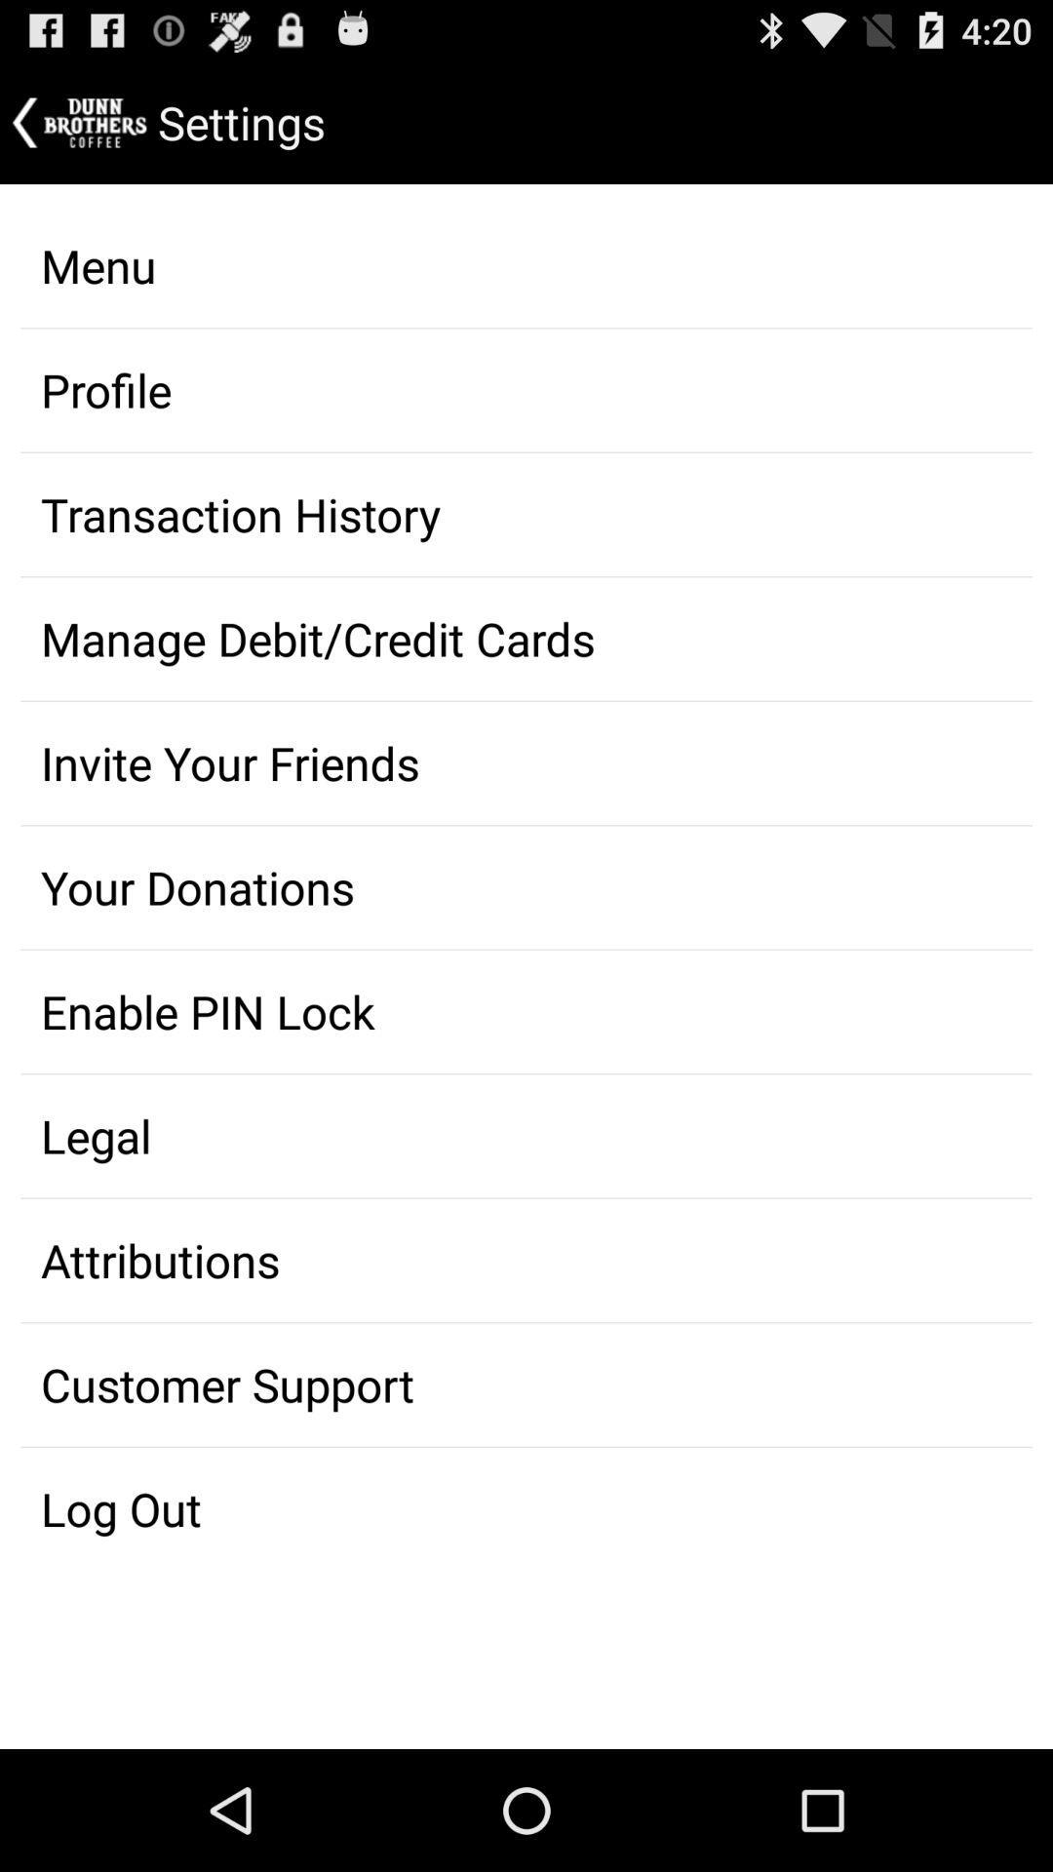 The height and width of the screenshot is (1872, 1053). Describe the element at coordinates (526, 1260) in the screenshot. I see `the icon above customer support icon` at that location.